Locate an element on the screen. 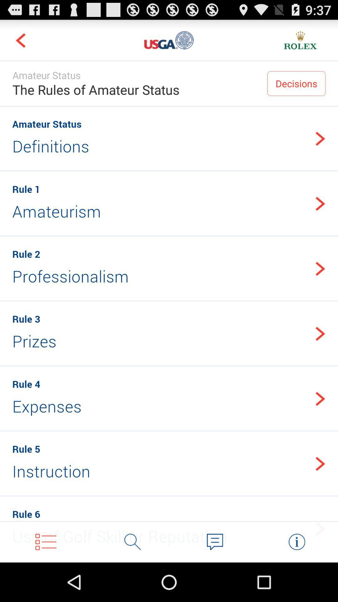  info is located at coordinates (296, 541).